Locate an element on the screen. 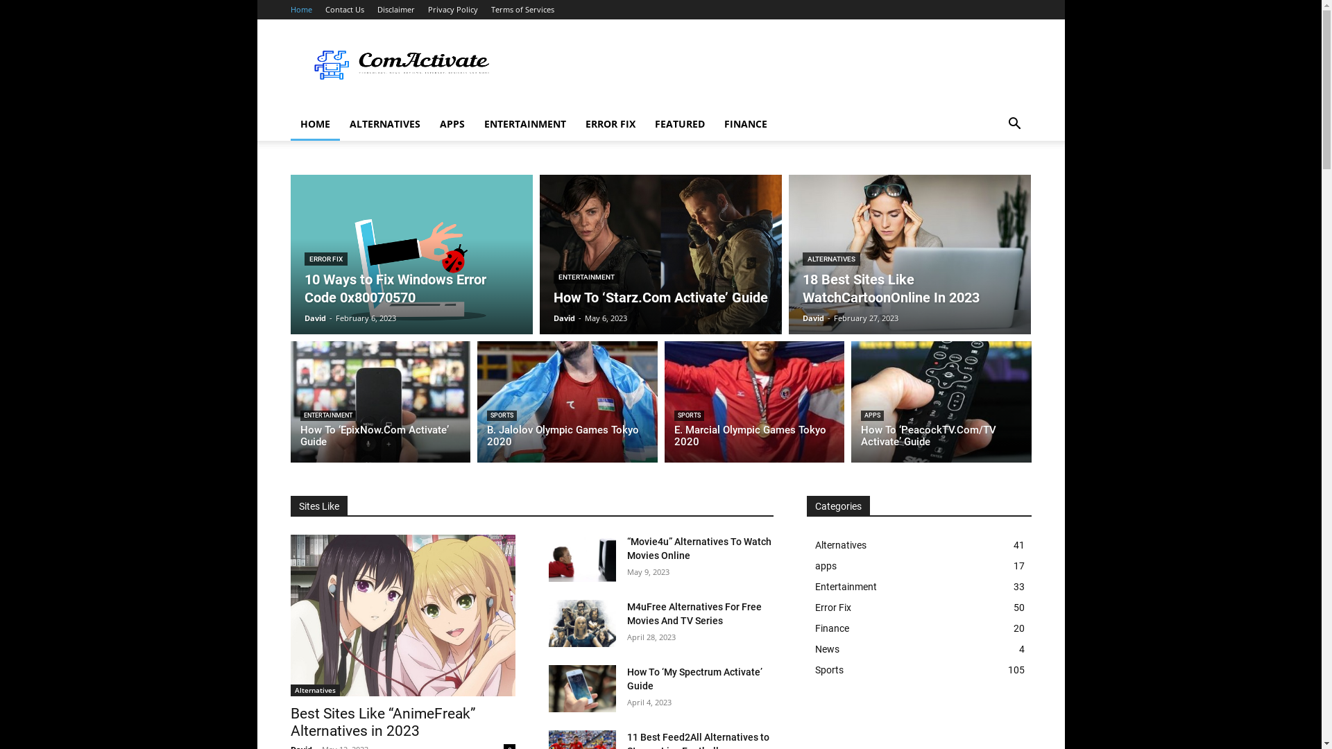 The width and height of the screenshot is (1332, 749). 'Home' is located at coordinates (300, 9).